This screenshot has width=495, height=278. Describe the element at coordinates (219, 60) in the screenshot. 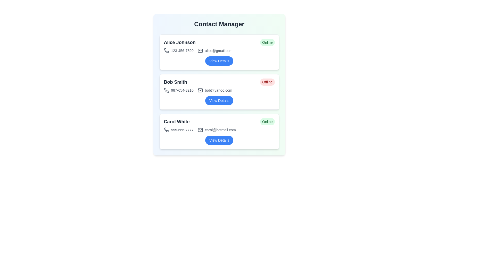

I see `the 'View Details' button for the contact identified by Alice Johnson` at that location.